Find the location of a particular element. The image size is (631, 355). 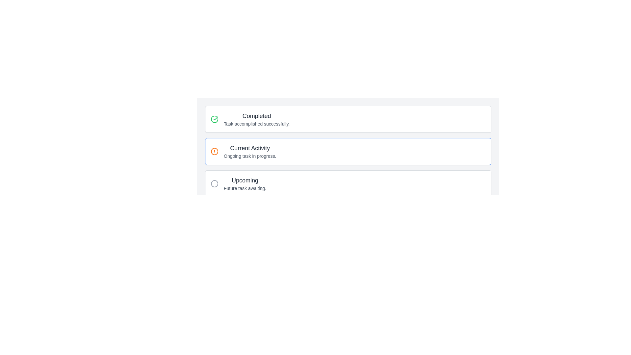

the 'Completed' status icon located to the left of the text 'Completed Task accomplished successfully' to associate it with the status it represents is located at coordinates (214, 119).